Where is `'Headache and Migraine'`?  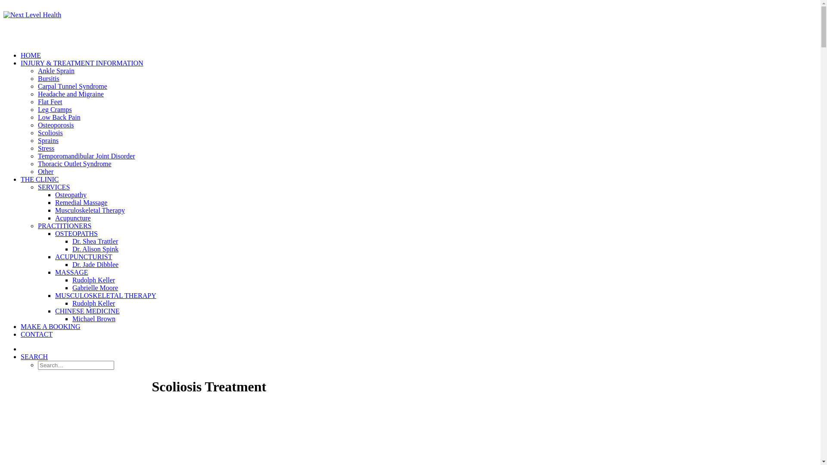
'Headache and Migraine' is located at coordinates (71, 94).